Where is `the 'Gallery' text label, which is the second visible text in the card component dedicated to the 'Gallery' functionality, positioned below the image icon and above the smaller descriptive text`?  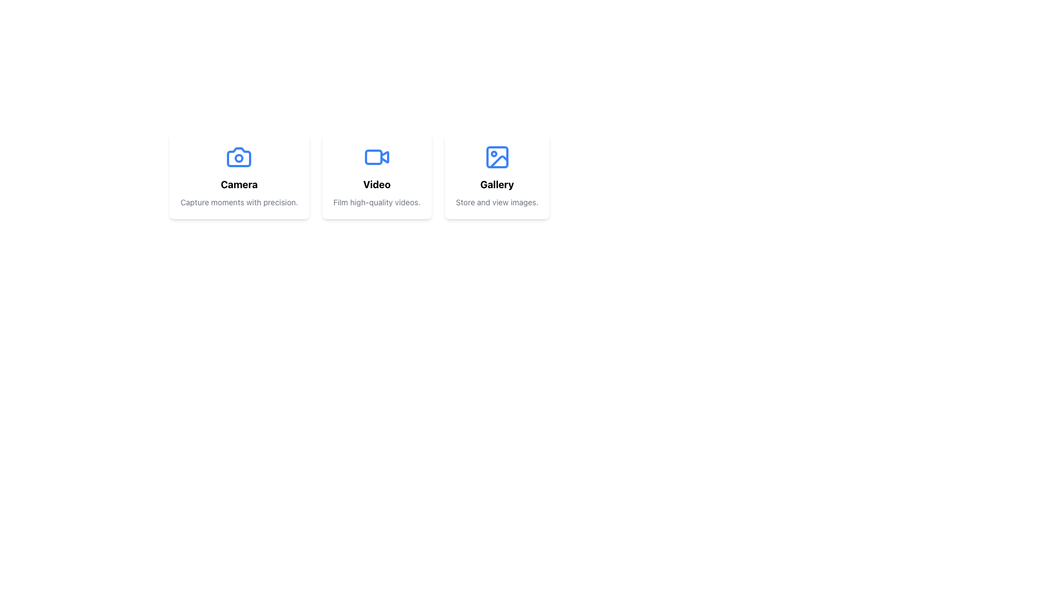
the 'Gallery' text label, which is the second visible text in the card component dedicated to the 'Gallery' functionality, positioned below the image icon and above the smaller descriptive text is located at coordinates (496, 184).